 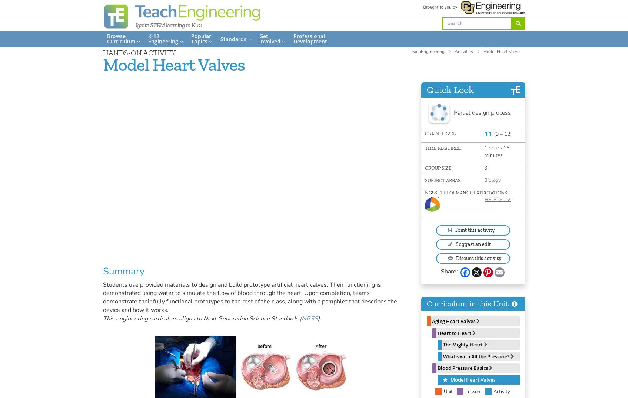 I want to click on 'Professional', so click(x=309, y=36).